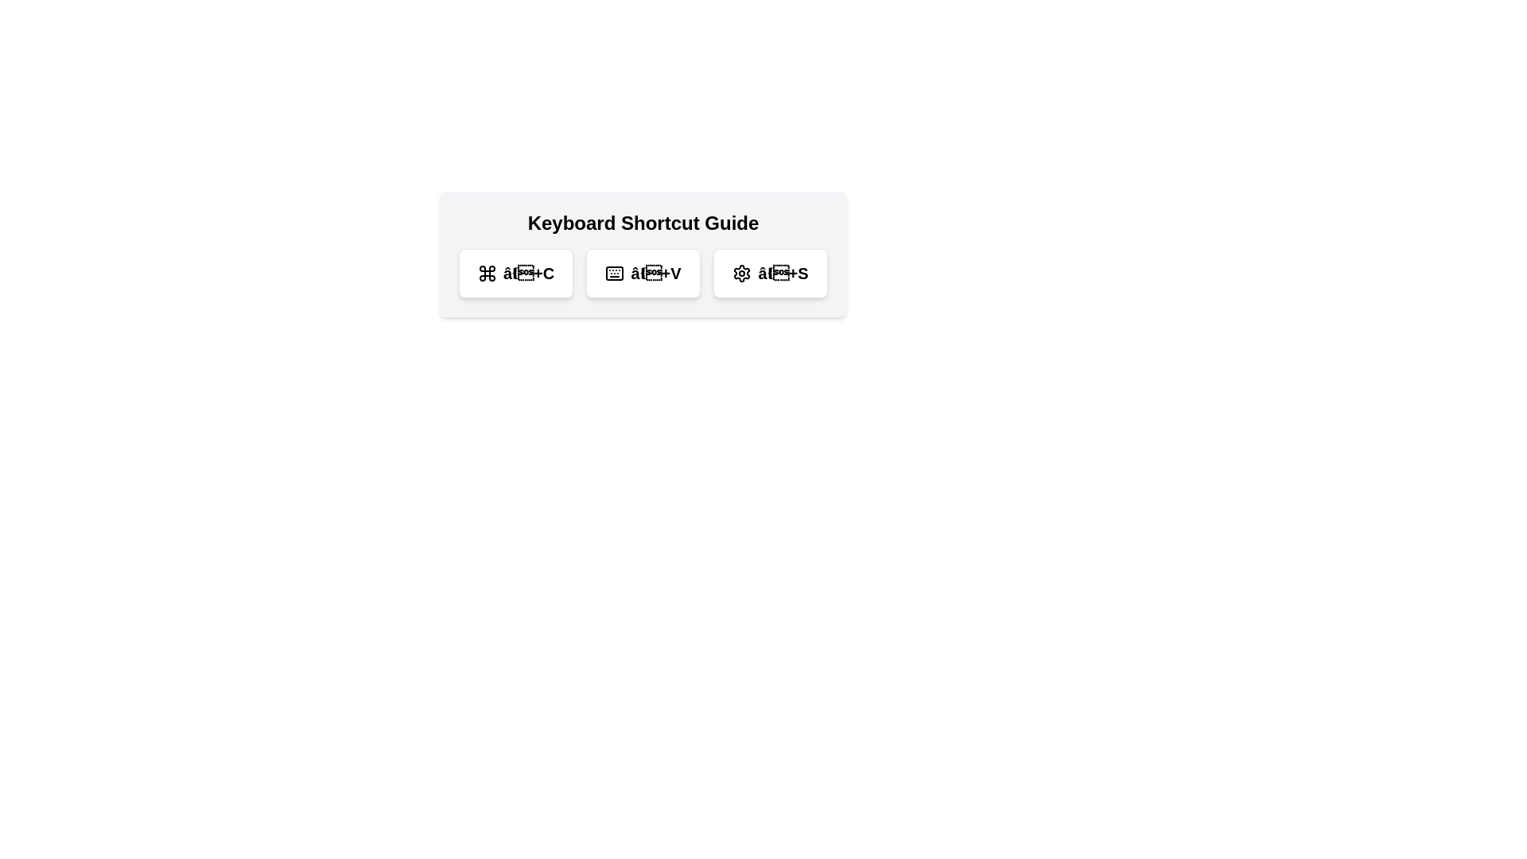  Describe the element at coordinates (741, 272) in the screenshot. I see `the decorative cogwheel icon at the bottom-right of the shortcut guides section to highlight or select it` at that location.